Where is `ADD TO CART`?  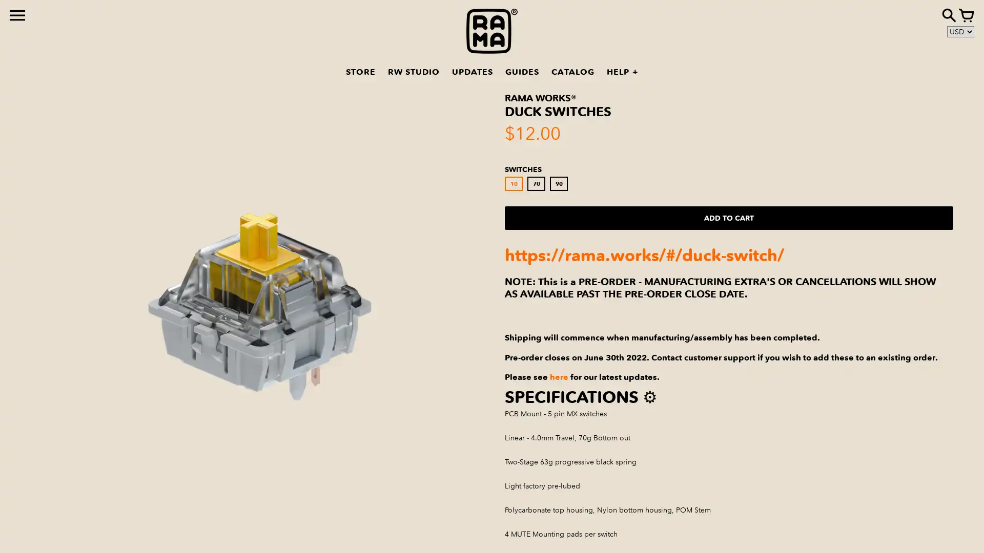
ADD TO CART is located at coordinates (728, 217).